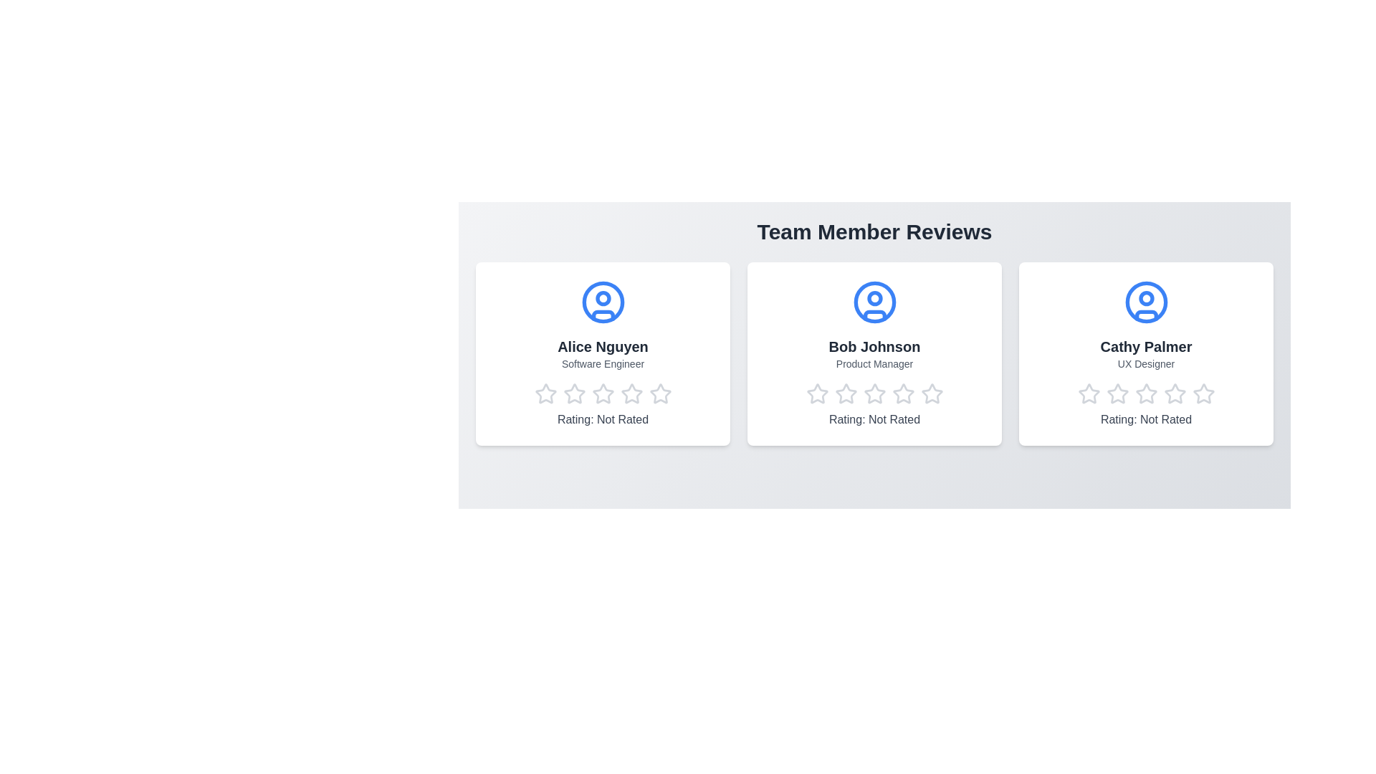 This screenshot has height=774, width=1376. I want to click on the card of the team member Alice Nguyen to view their details, so click(603, 353).